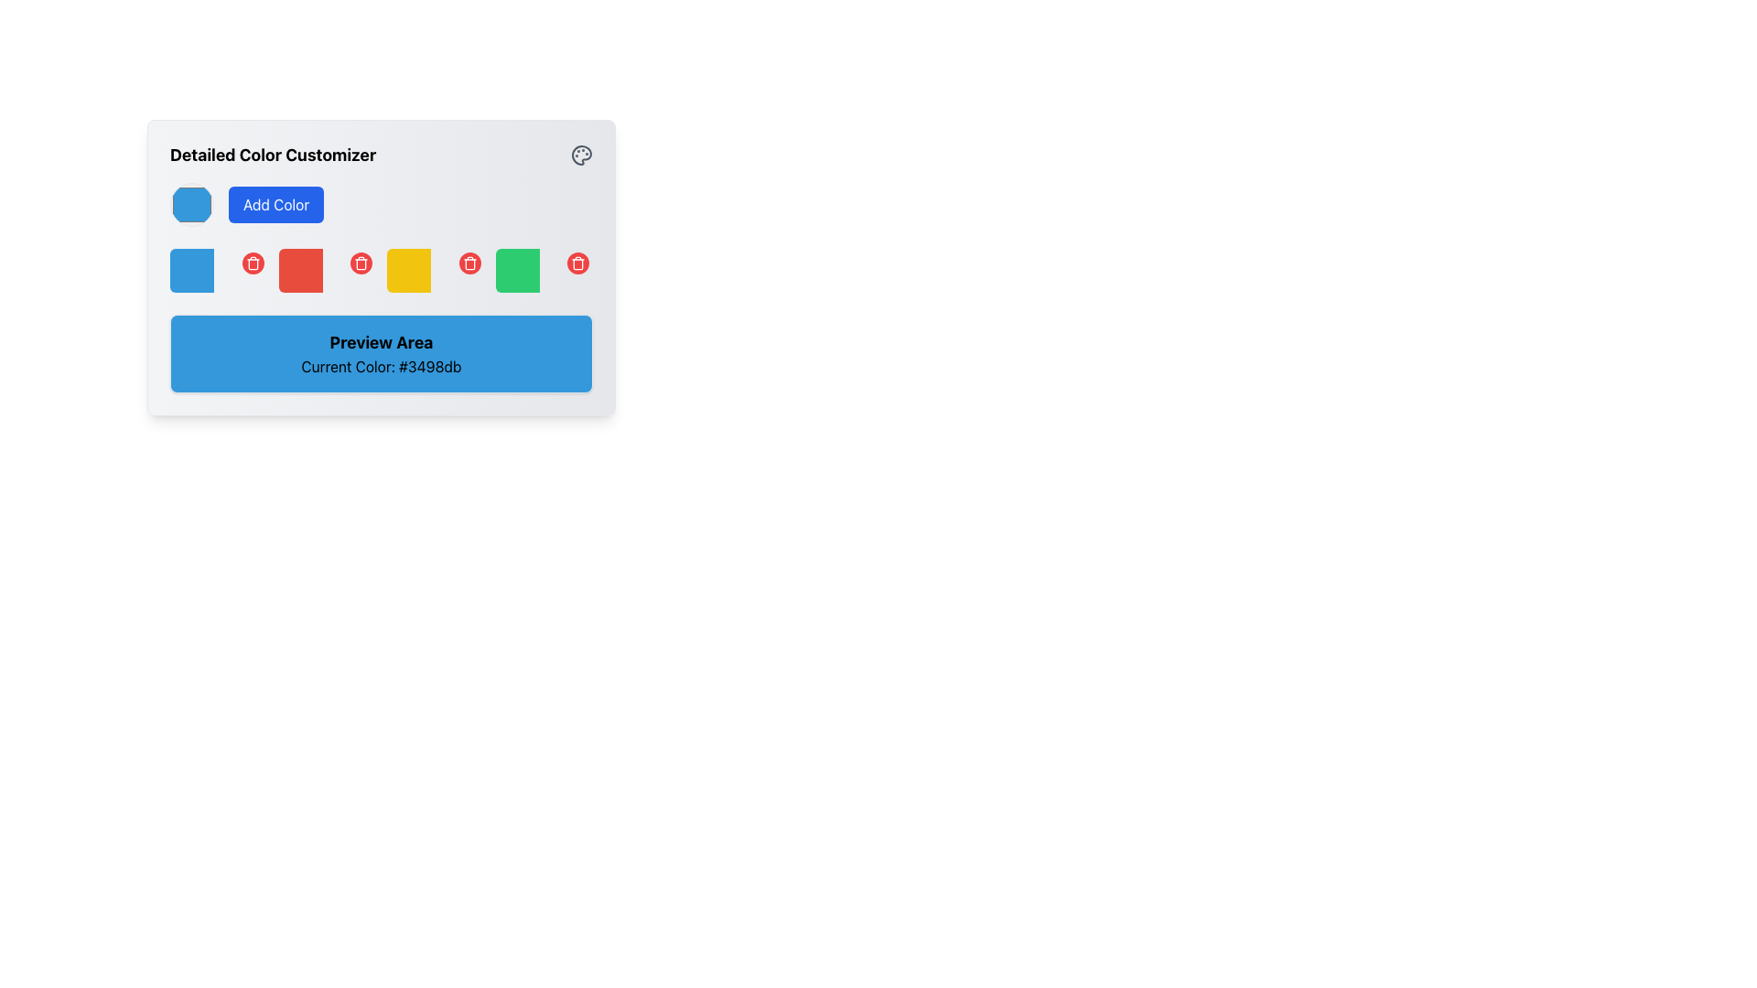 This screenshot has width=1757, height=988. Describe the element at coordinates (361, 263) in the screenshot. I see `the delete button for the red color swatch, which is the third button in the row of five under 'Detailed Color Customizer'` at that location.